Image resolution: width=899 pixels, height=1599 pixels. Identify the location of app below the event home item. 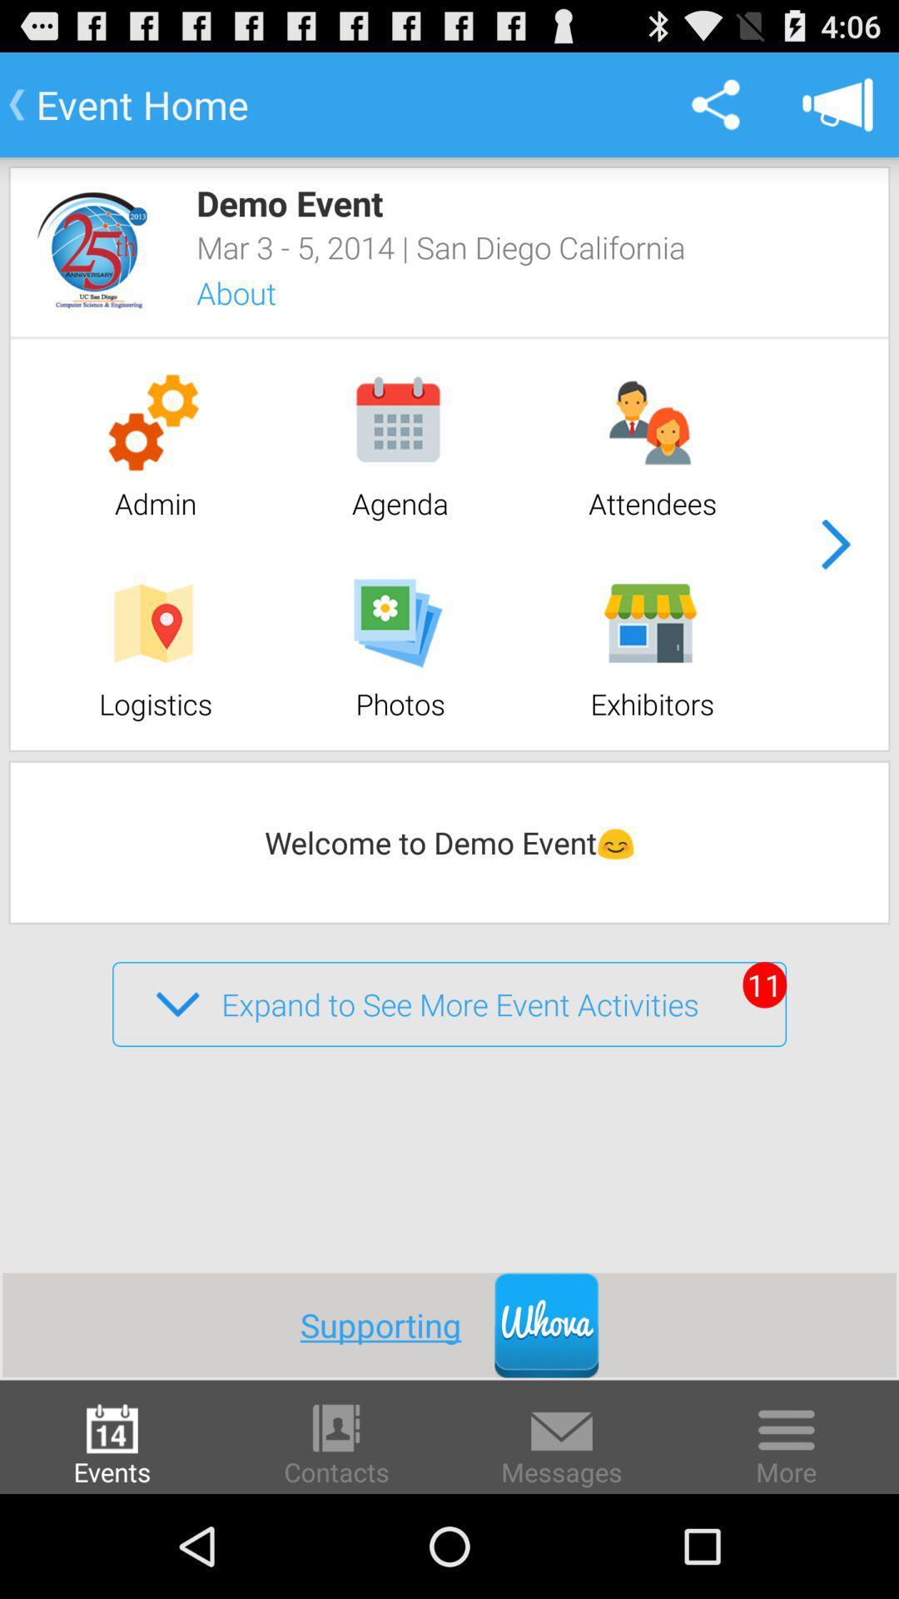
(92, 249).